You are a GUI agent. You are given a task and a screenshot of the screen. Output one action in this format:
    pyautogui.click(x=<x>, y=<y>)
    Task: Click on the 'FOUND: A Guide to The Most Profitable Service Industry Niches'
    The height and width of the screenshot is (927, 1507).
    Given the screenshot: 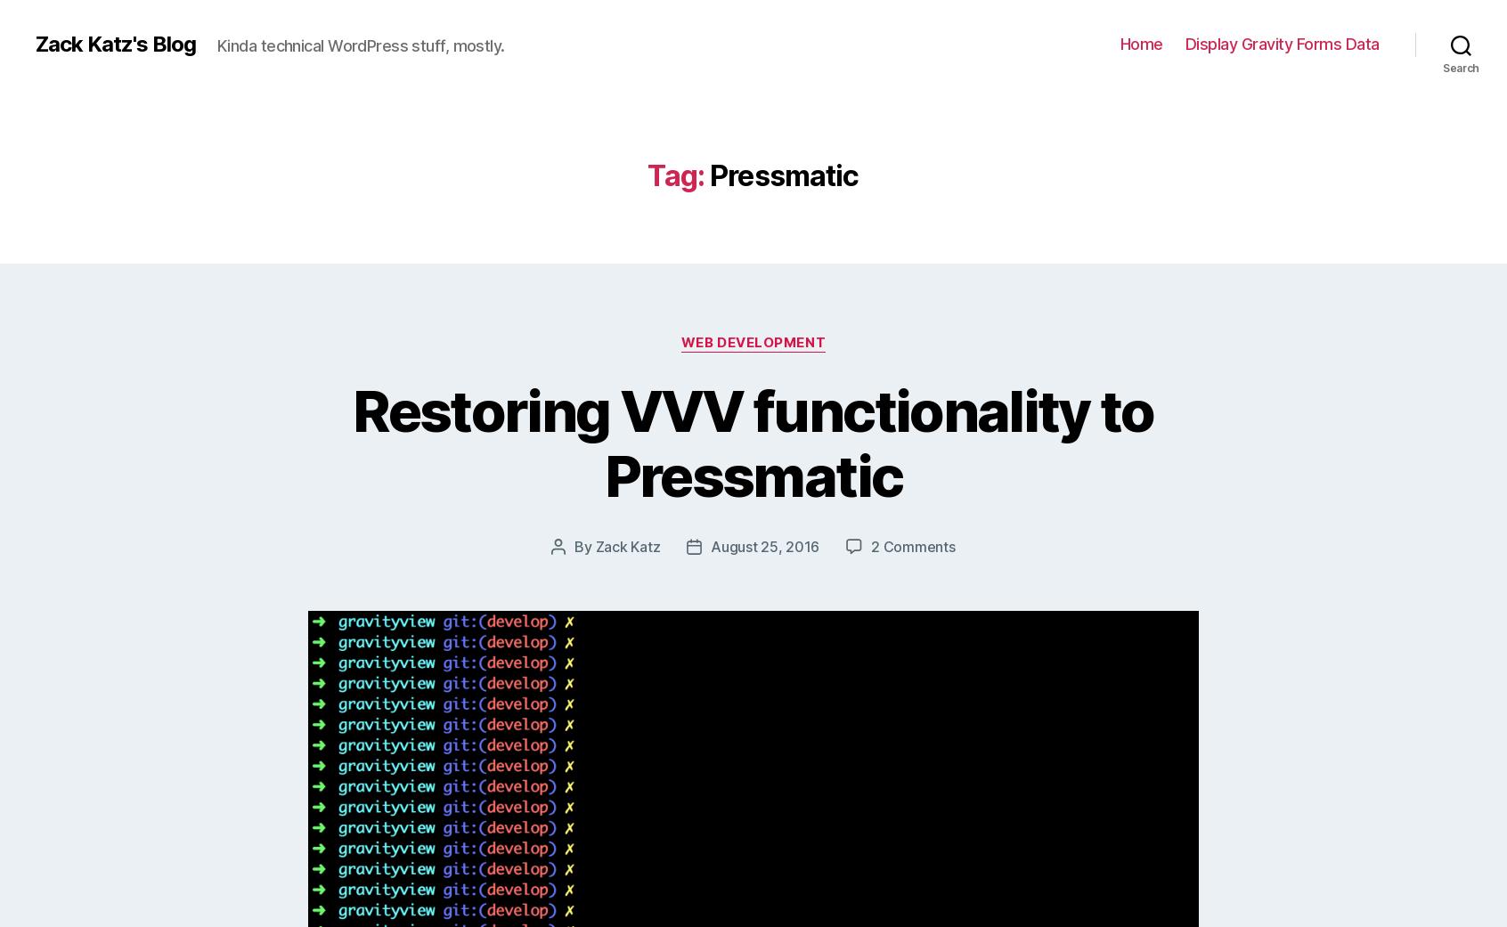 What is the action you would take?
    pyautogui.click(x=1009, y=648)
    